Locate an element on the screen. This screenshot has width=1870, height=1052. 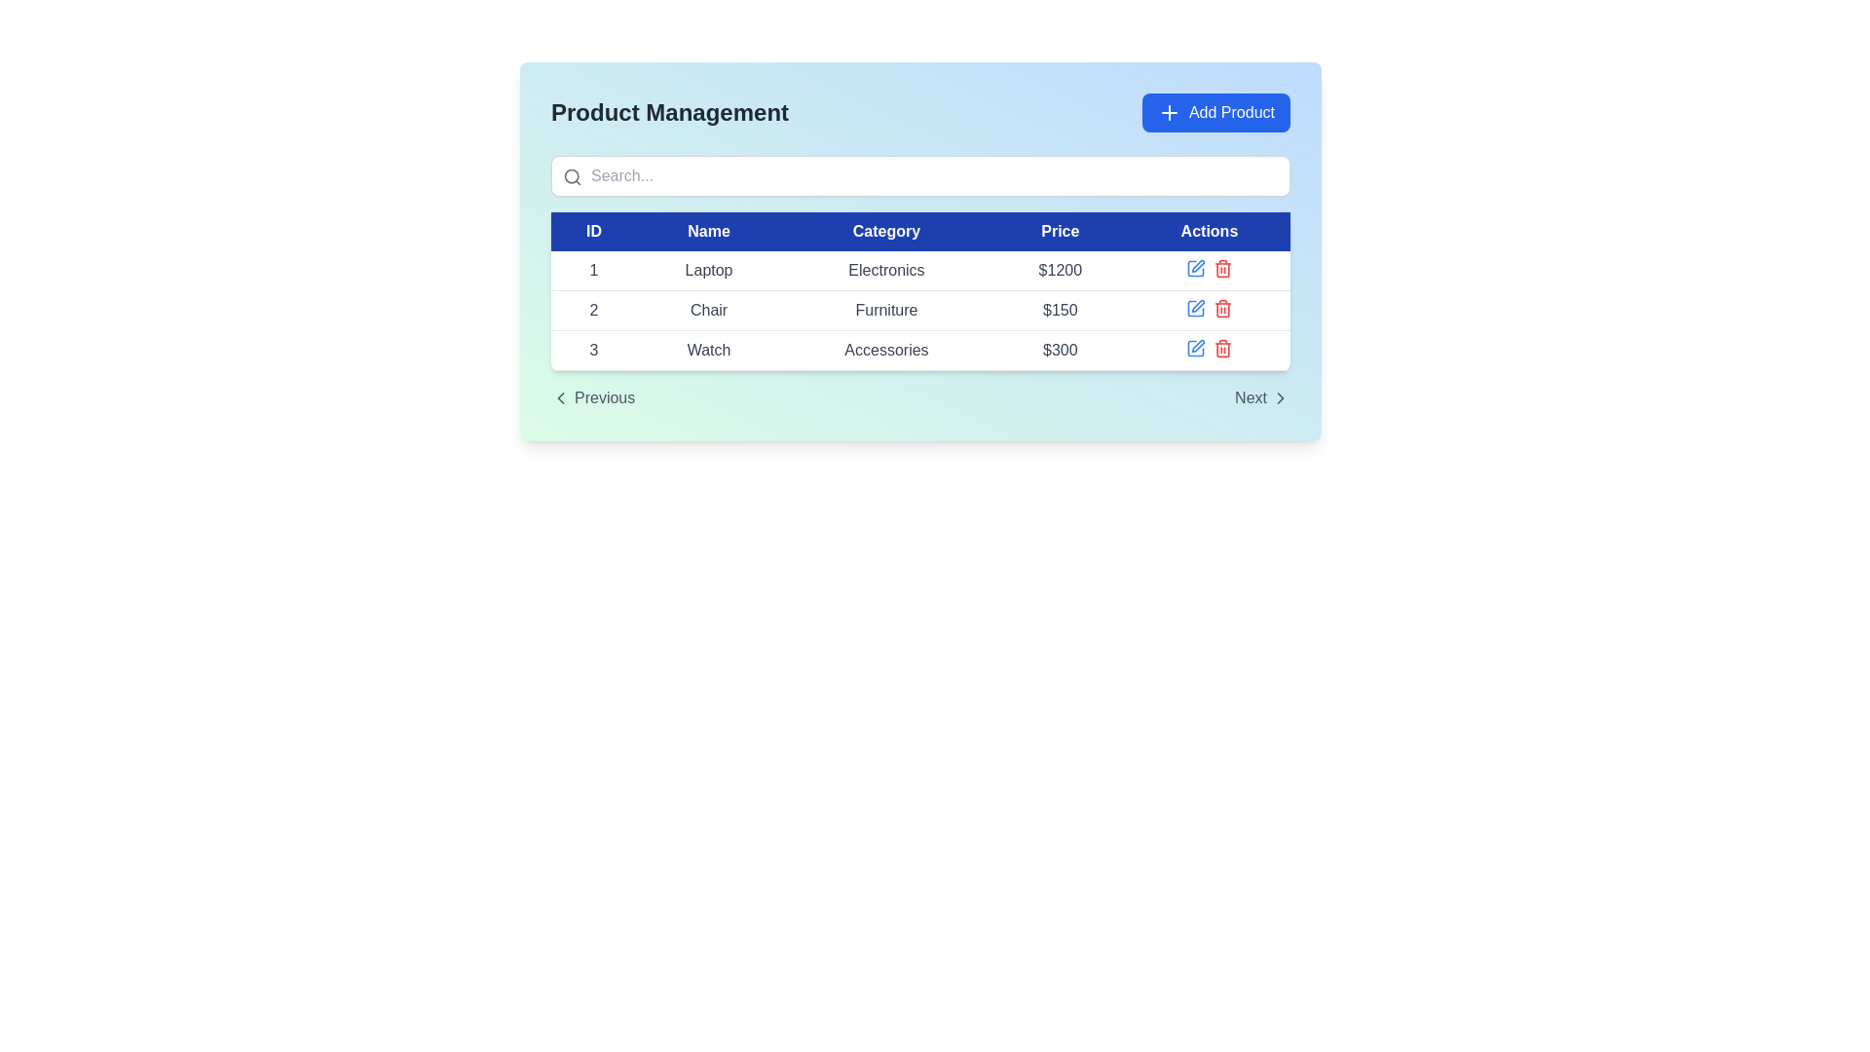
the second Table Header Cell in the header row of the table, which indicates the column for names of items or entities is located at coordinates (708, 231).